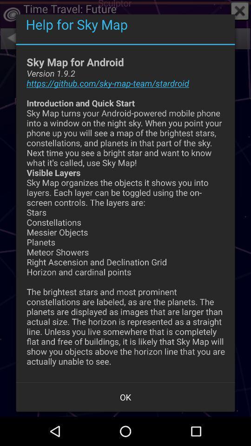  Describe the element at coordinates (125, 396) in the screenshot. I see `app below sky map for` at that location.